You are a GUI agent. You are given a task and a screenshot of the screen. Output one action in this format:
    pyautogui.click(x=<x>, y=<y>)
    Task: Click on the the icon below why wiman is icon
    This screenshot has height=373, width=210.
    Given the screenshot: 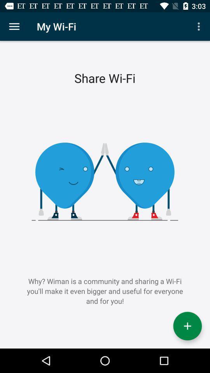 What is the action you would take?
    pyautogui.click(x=187, y=326)
    